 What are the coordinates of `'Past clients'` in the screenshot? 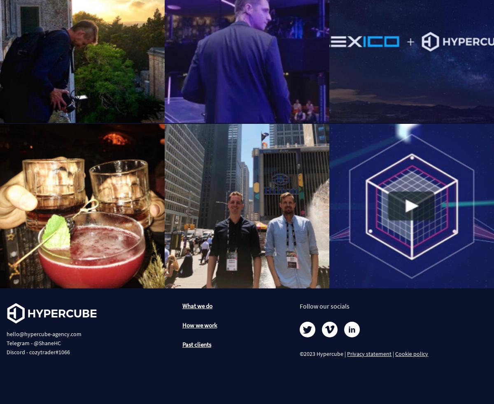 It's located at (196, 344).